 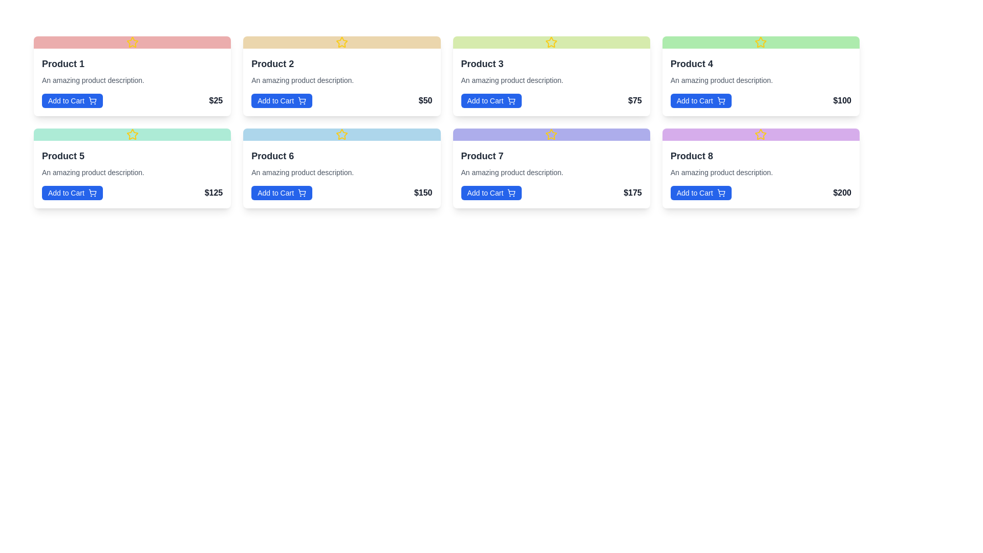 What do you see at coordinates (761, 42) in the screenshot?
I see `the star icon located at the top center of the green card for 'Product 4' in the second row to interact with it` at bounding box center [761, 42].